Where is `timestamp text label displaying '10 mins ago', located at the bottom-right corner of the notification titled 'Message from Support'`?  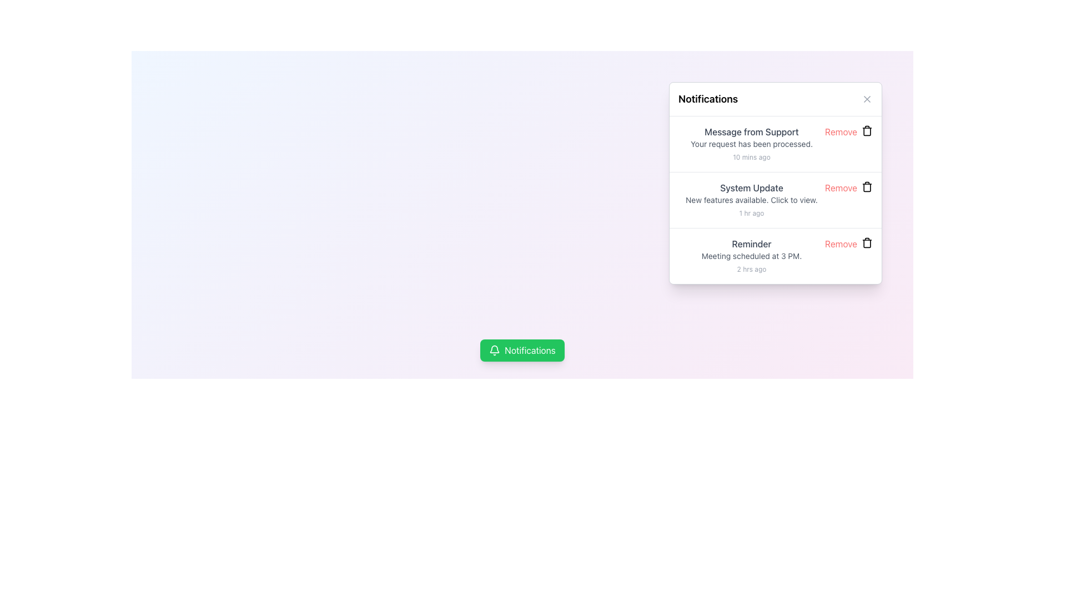
timestamp text label displaying '10 mins ago', located at the bottom-right corner of the notification titled 'Message from Support' is located at coordinates (751, 157).